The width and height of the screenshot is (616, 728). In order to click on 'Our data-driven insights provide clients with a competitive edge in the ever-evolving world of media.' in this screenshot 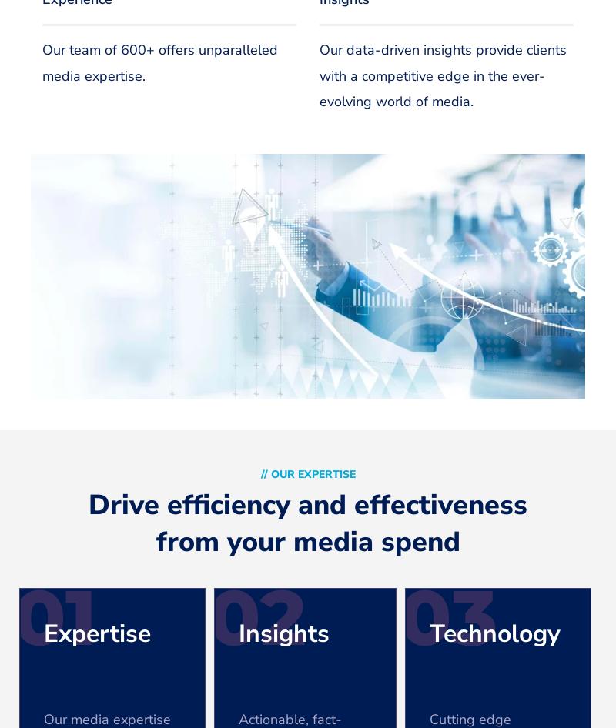, I will do `click(442, 75)`.